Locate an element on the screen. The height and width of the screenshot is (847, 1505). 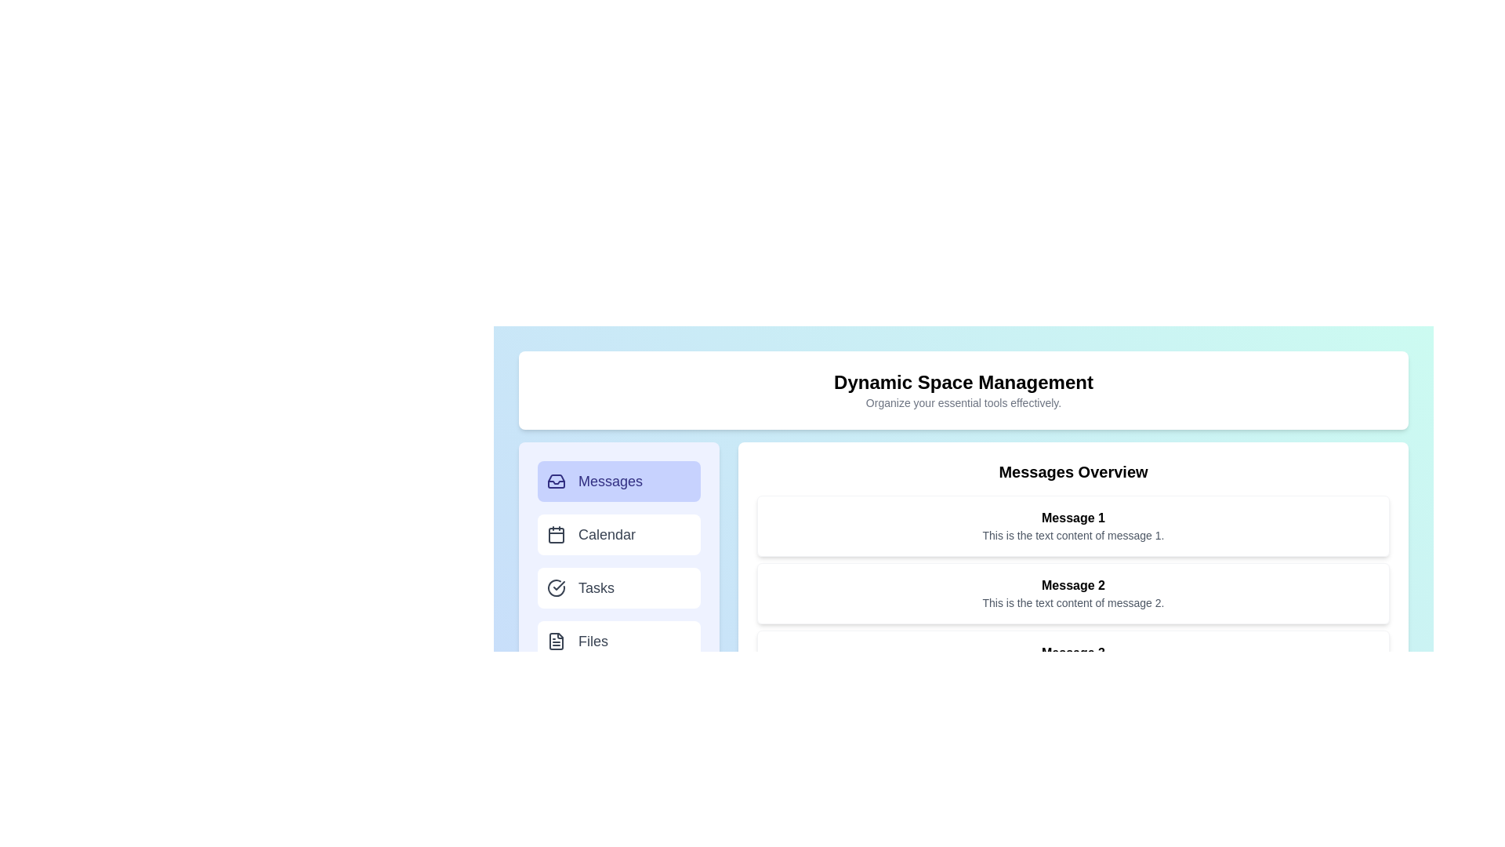
the third informational card located below 'Message 1' and 'Message 2' in the list is located at coordinates (1072, 661).